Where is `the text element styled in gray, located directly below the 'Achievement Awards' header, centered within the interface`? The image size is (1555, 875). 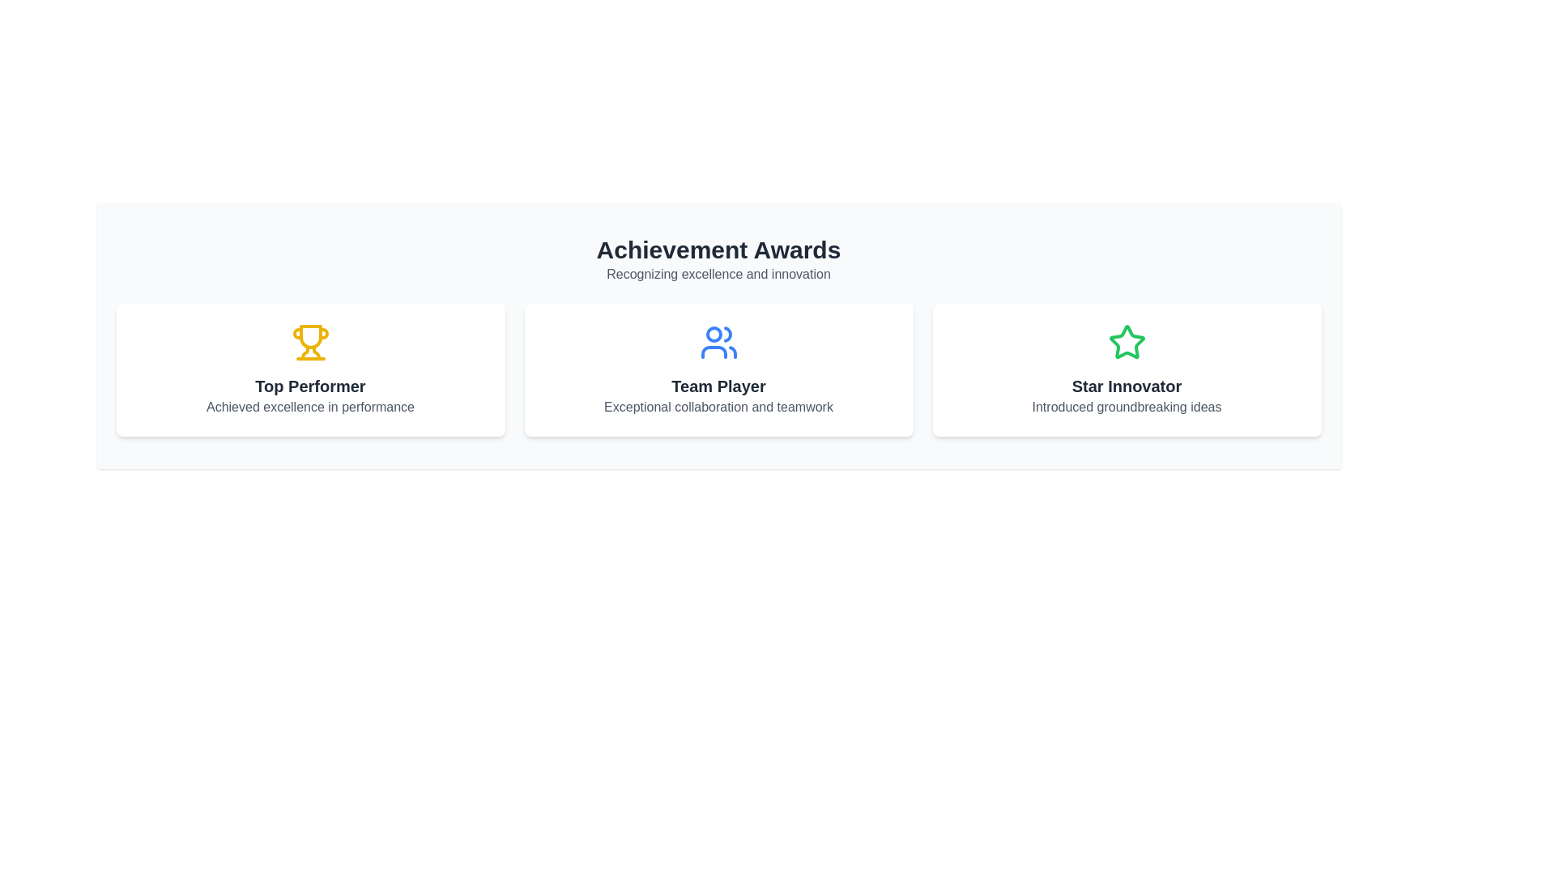
the text element styled in gray, located directly below the 'Achievement Awards' header, centered within the interface is located at coordinates (718, 274).